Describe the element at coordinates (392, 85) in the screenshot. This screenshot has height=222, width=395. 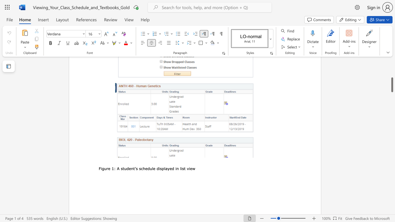
I see `the scrollbar and move down 2040 pixels` at that location.